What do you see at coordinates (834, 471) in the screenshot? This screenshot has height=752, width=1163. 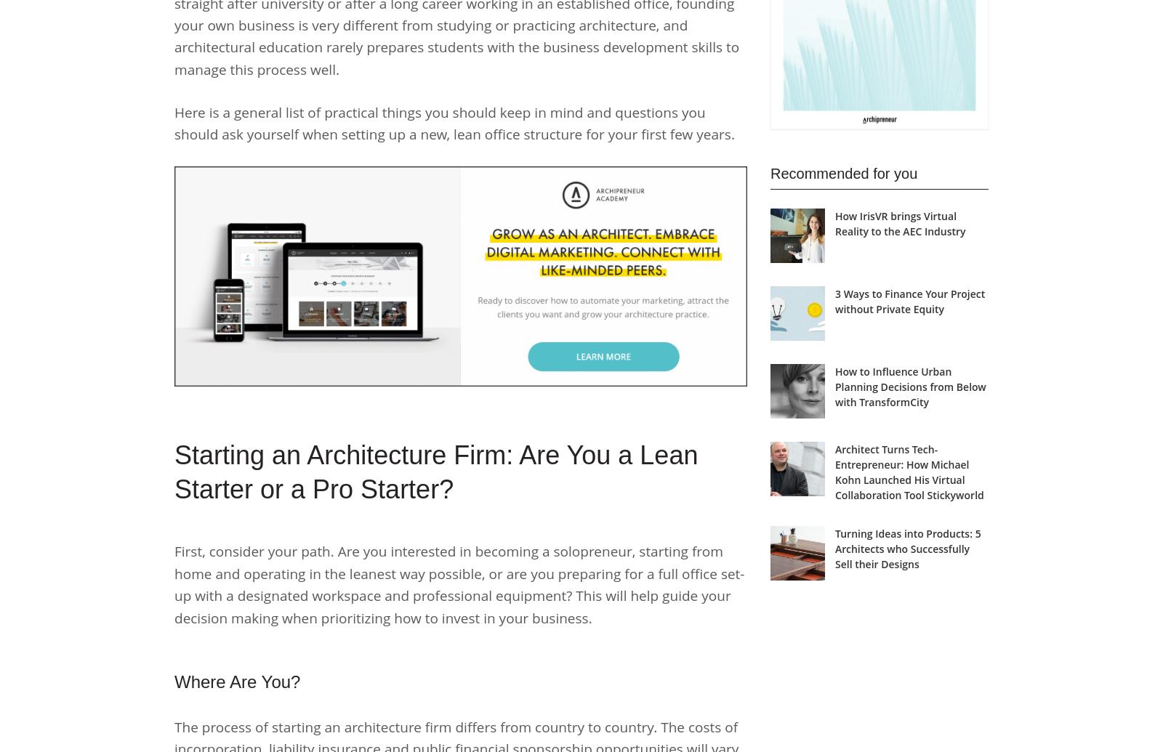 I see `'Architect Turns Tech-Entrepreneur: How Michael Kohn Launched His Virtual Collaboration Tool Stickyworld'` at bounding box center [834, 471].